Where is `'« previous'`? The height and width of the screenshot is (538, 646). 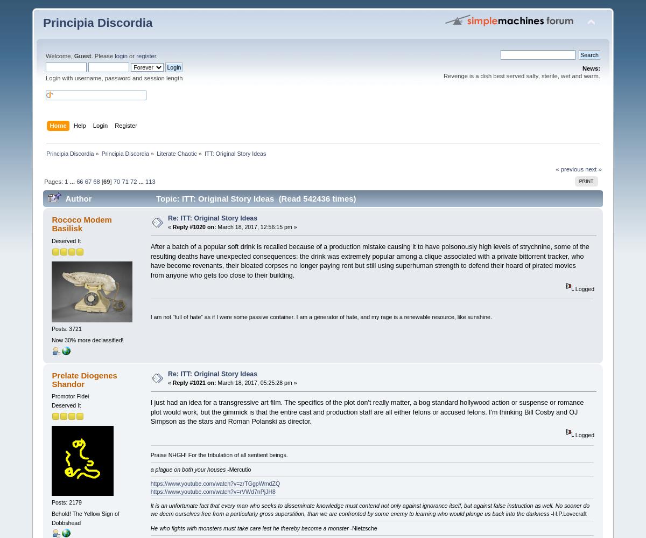 '« previous' is located at coordinates (569, 169).